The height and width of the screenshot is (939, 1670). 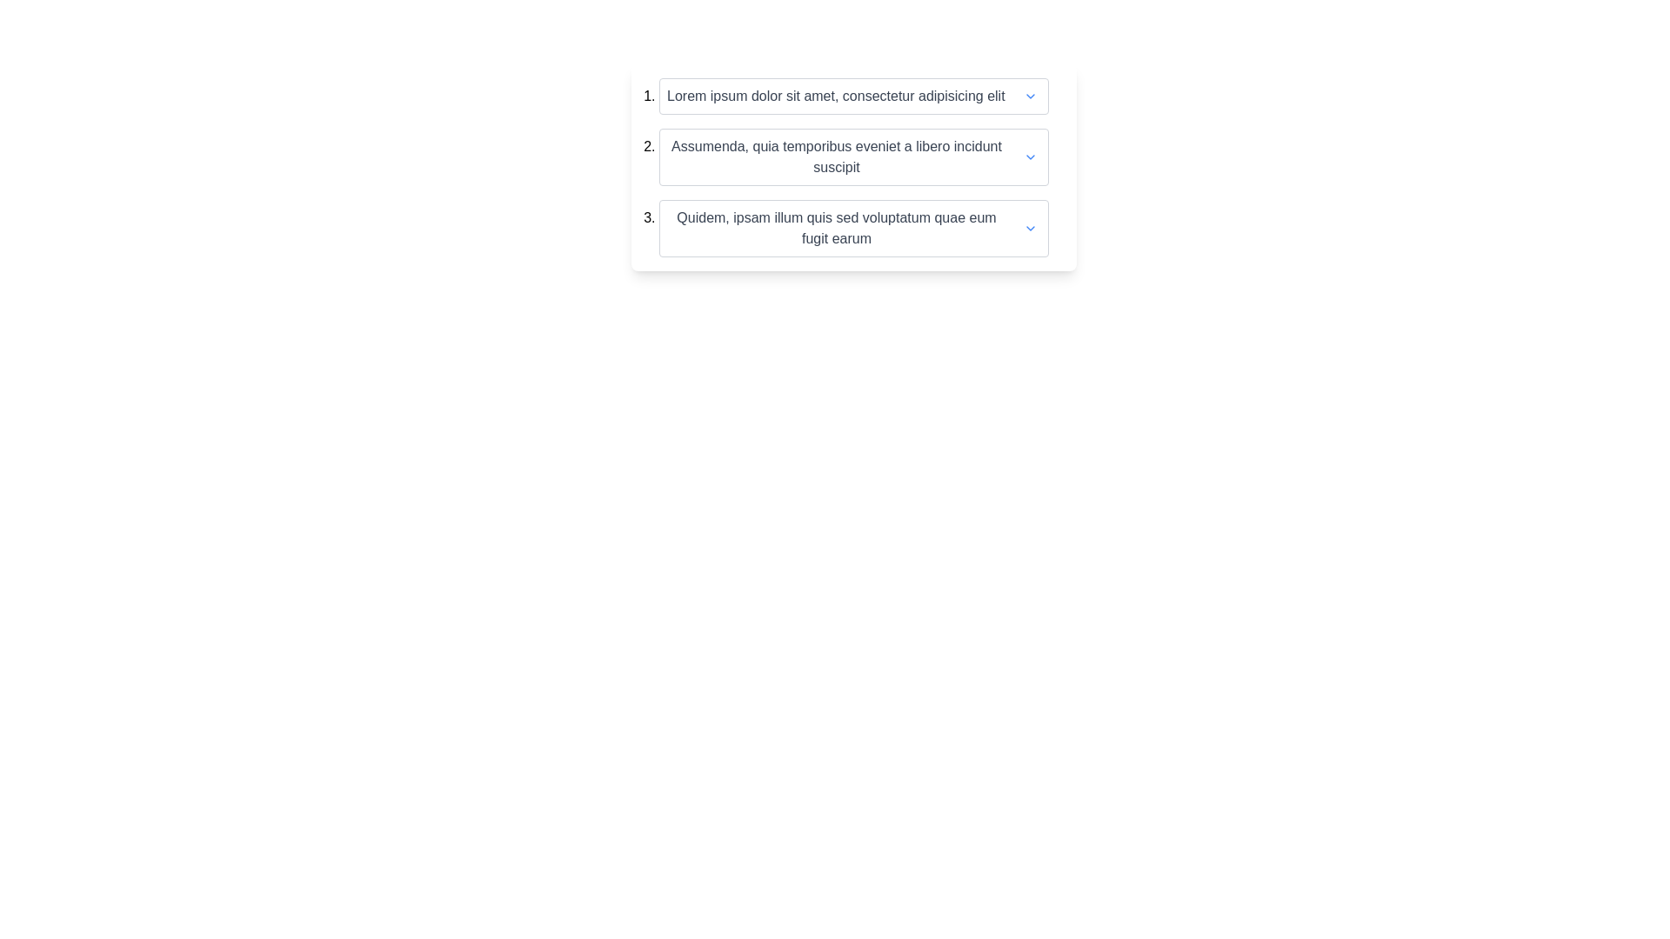 I want to click on the blue downward-facing chevron icon of the third List Item, which has a light gray border and contains the text 'Quidem, ipsam illum quis sed voluptatum quae eum fugit earum', so click(x=854, y=227).